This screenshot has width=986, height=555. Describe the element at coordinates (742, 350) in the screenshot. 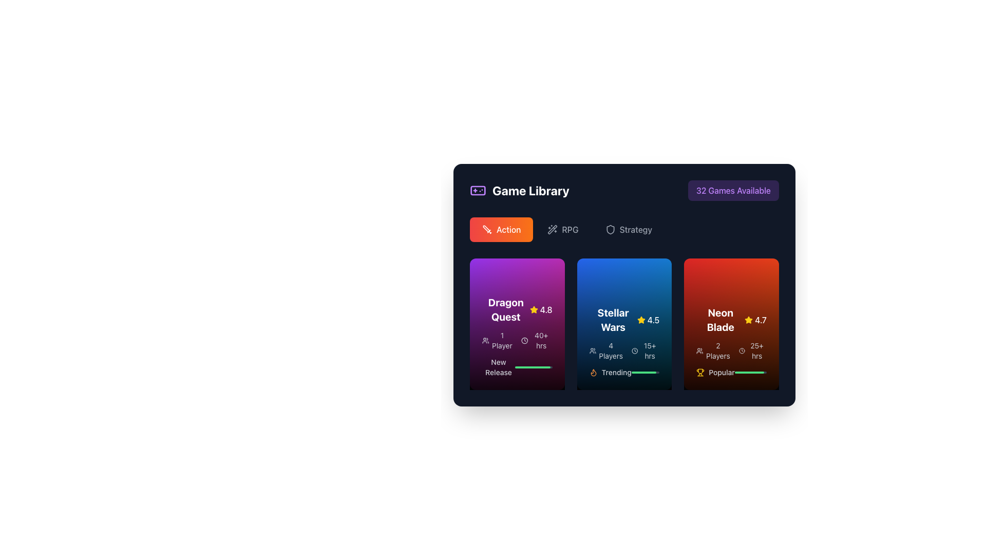

I see `the group of icons and texts that includes the '25+ hrs' time icon located in the bottom-right corner of the 'Neon Blade' card` at that location.